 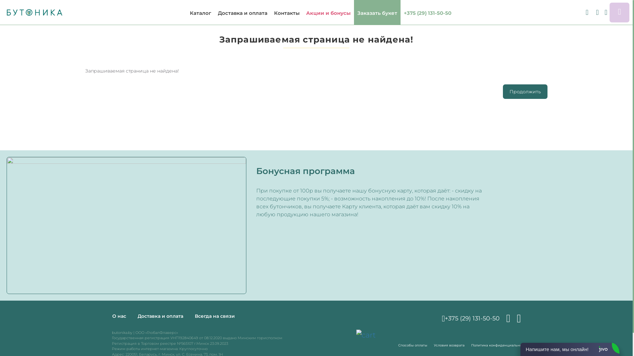 I want to click on '+375 (29) 131-50-50', so click(x=470, y=318).